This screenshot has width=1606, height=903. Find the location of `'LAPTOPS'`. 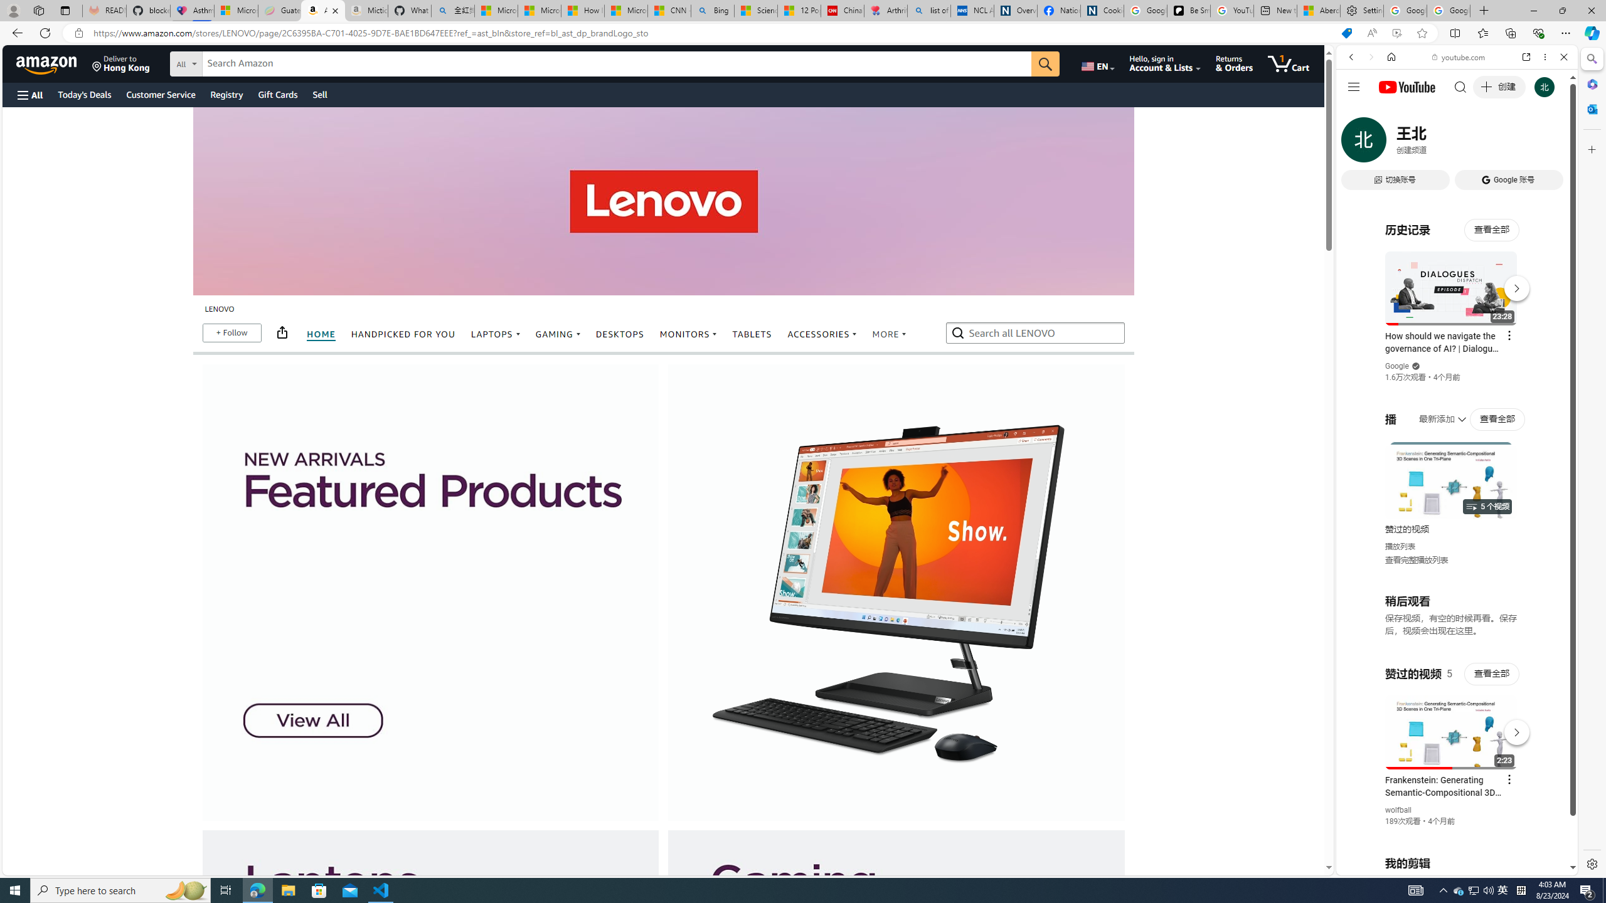

'LAPTOPS' is located at coordinates (494, 334).